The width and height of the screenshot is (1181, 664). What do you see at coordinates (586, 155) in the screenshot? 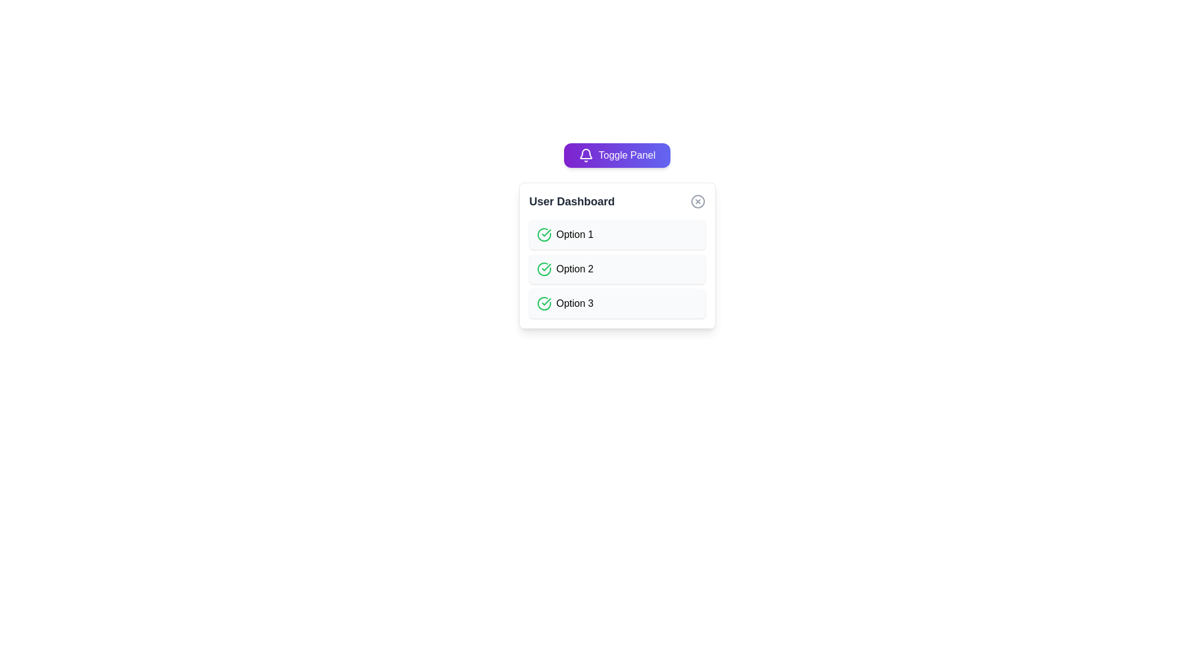
I see `the bell-shaped icon with a modern outline style, which is white on a purple background and located to the left of the 'Toggle Panel' text` at bounding box center [586, 155].